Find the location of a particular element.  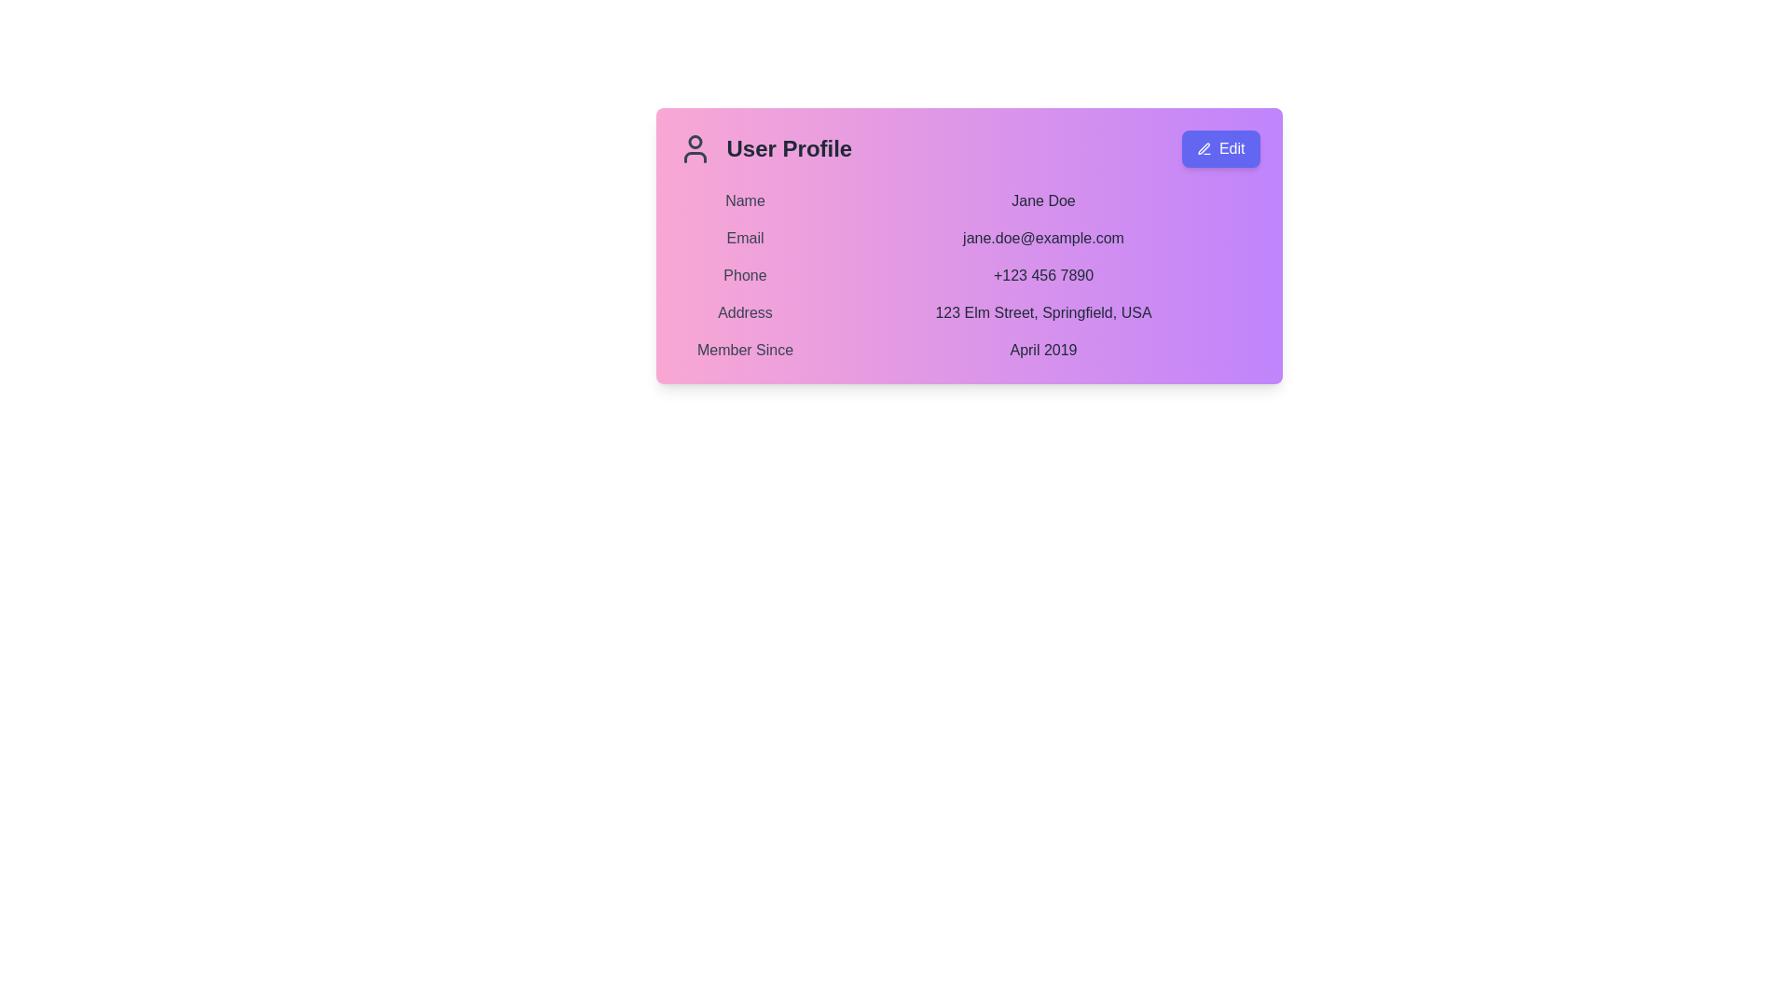

the edit icon located within the 'Edit' button at the top-right corner of the user profile card is located at coordinates (1204, 147).